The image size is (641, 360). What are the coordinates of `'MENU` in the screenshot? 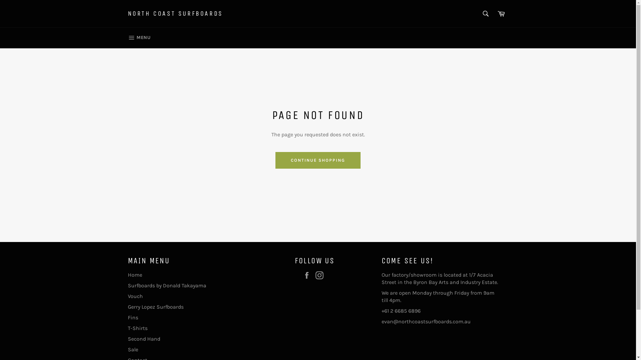 It's located at (139, 38).